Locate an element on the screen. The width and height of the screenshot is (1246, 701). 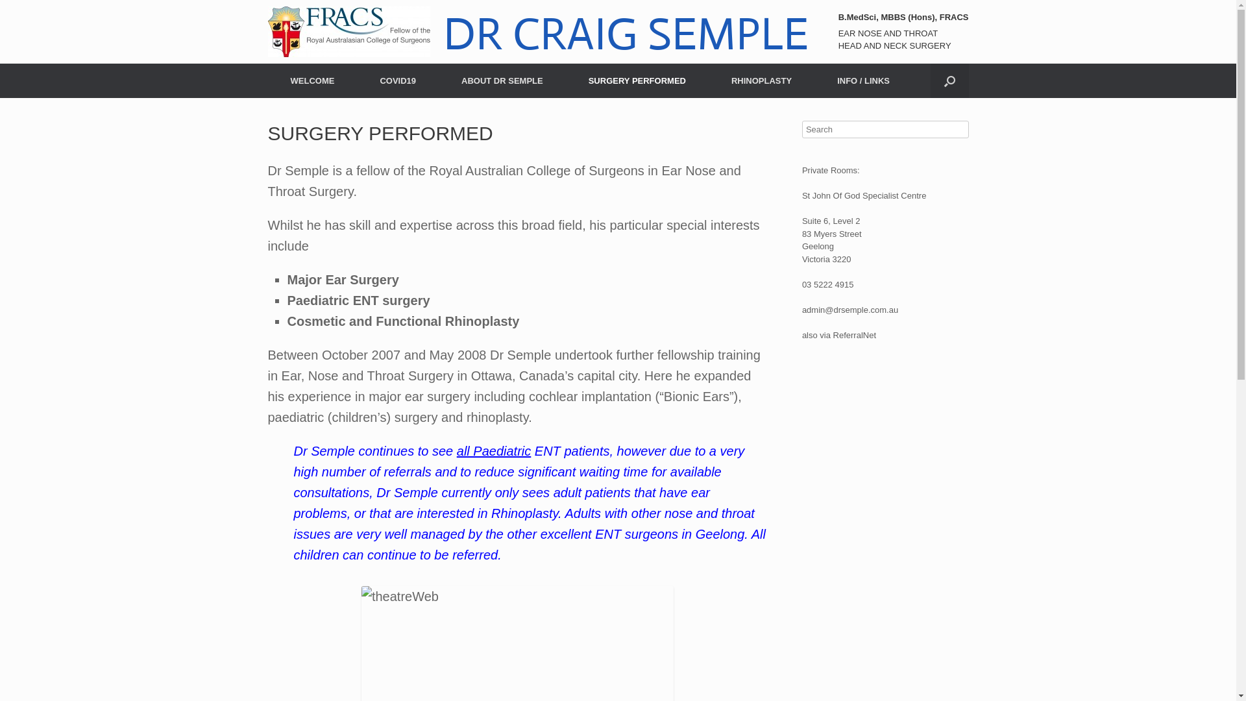
'INFO / LINKS' is located at coordinates (863, 80).